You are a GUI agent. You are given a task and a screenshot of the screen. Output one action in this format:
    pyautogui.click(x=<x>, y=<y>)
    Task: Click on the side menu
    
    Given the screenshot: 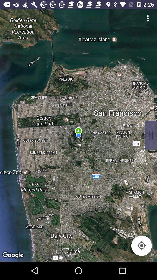 What is the action you would take?
    pyautogui.click(x=148, y=18)
    